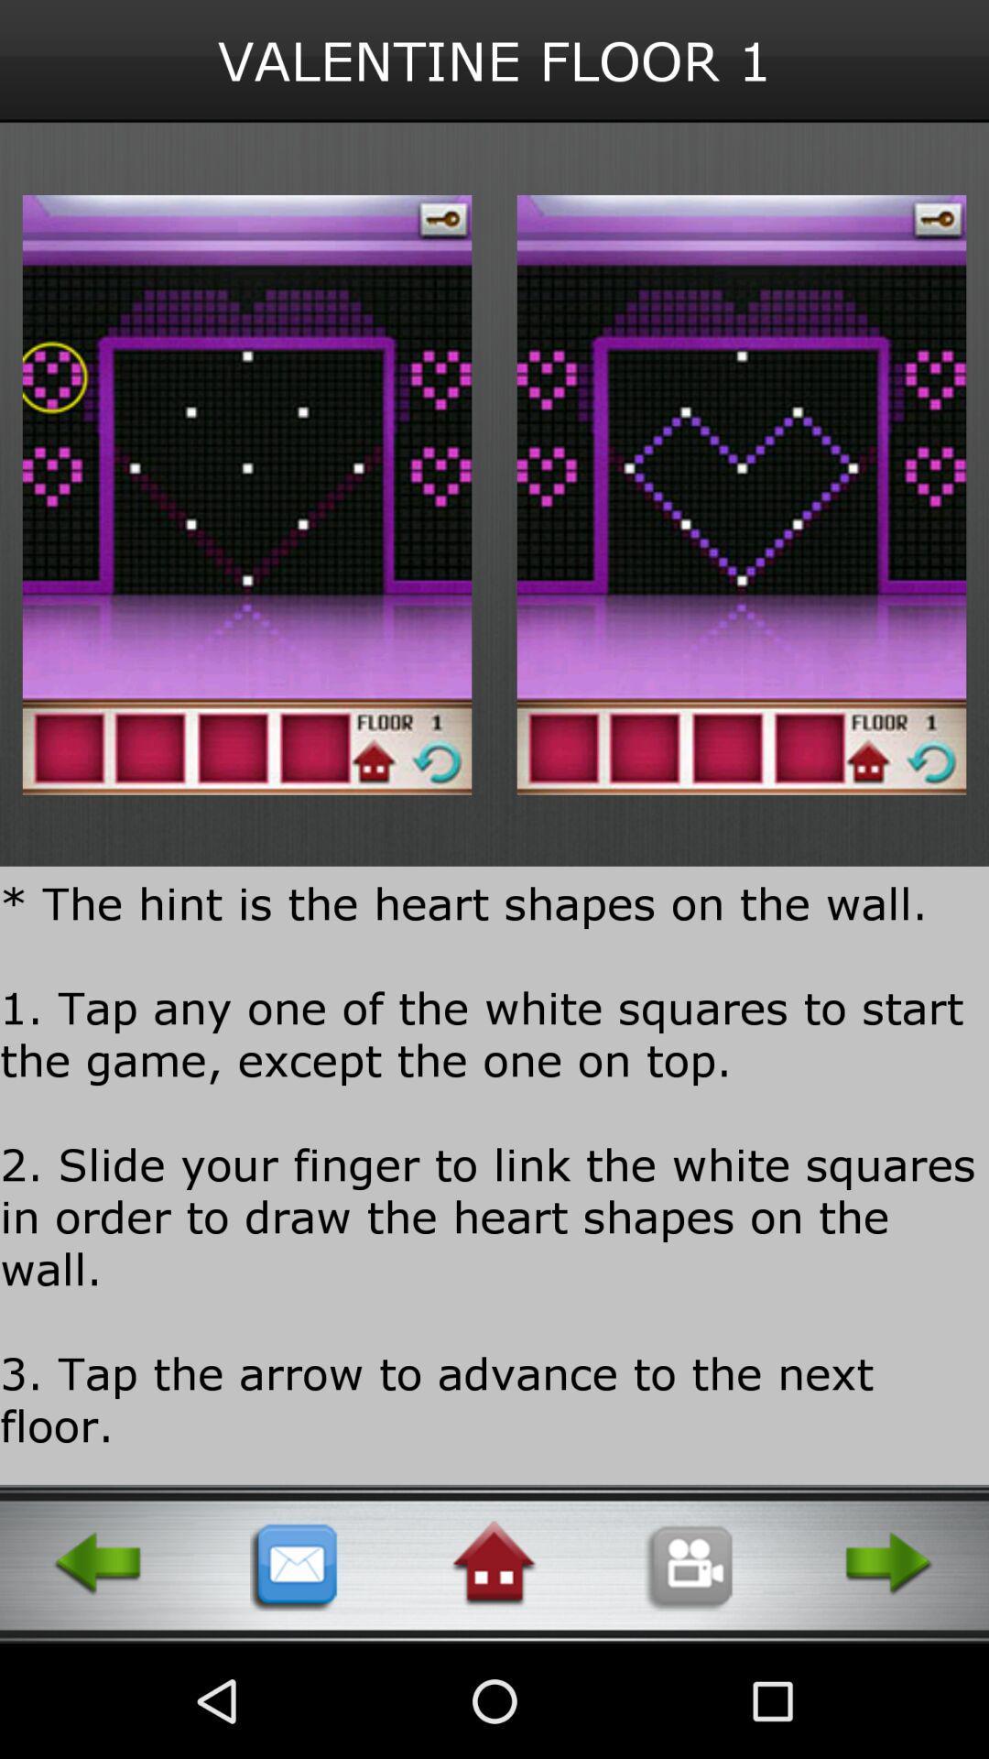 The width and height of the screenshot is (989, 1759). Describe the element at coordinates (888, 1563) in the screenshot. I see `next` at that location.